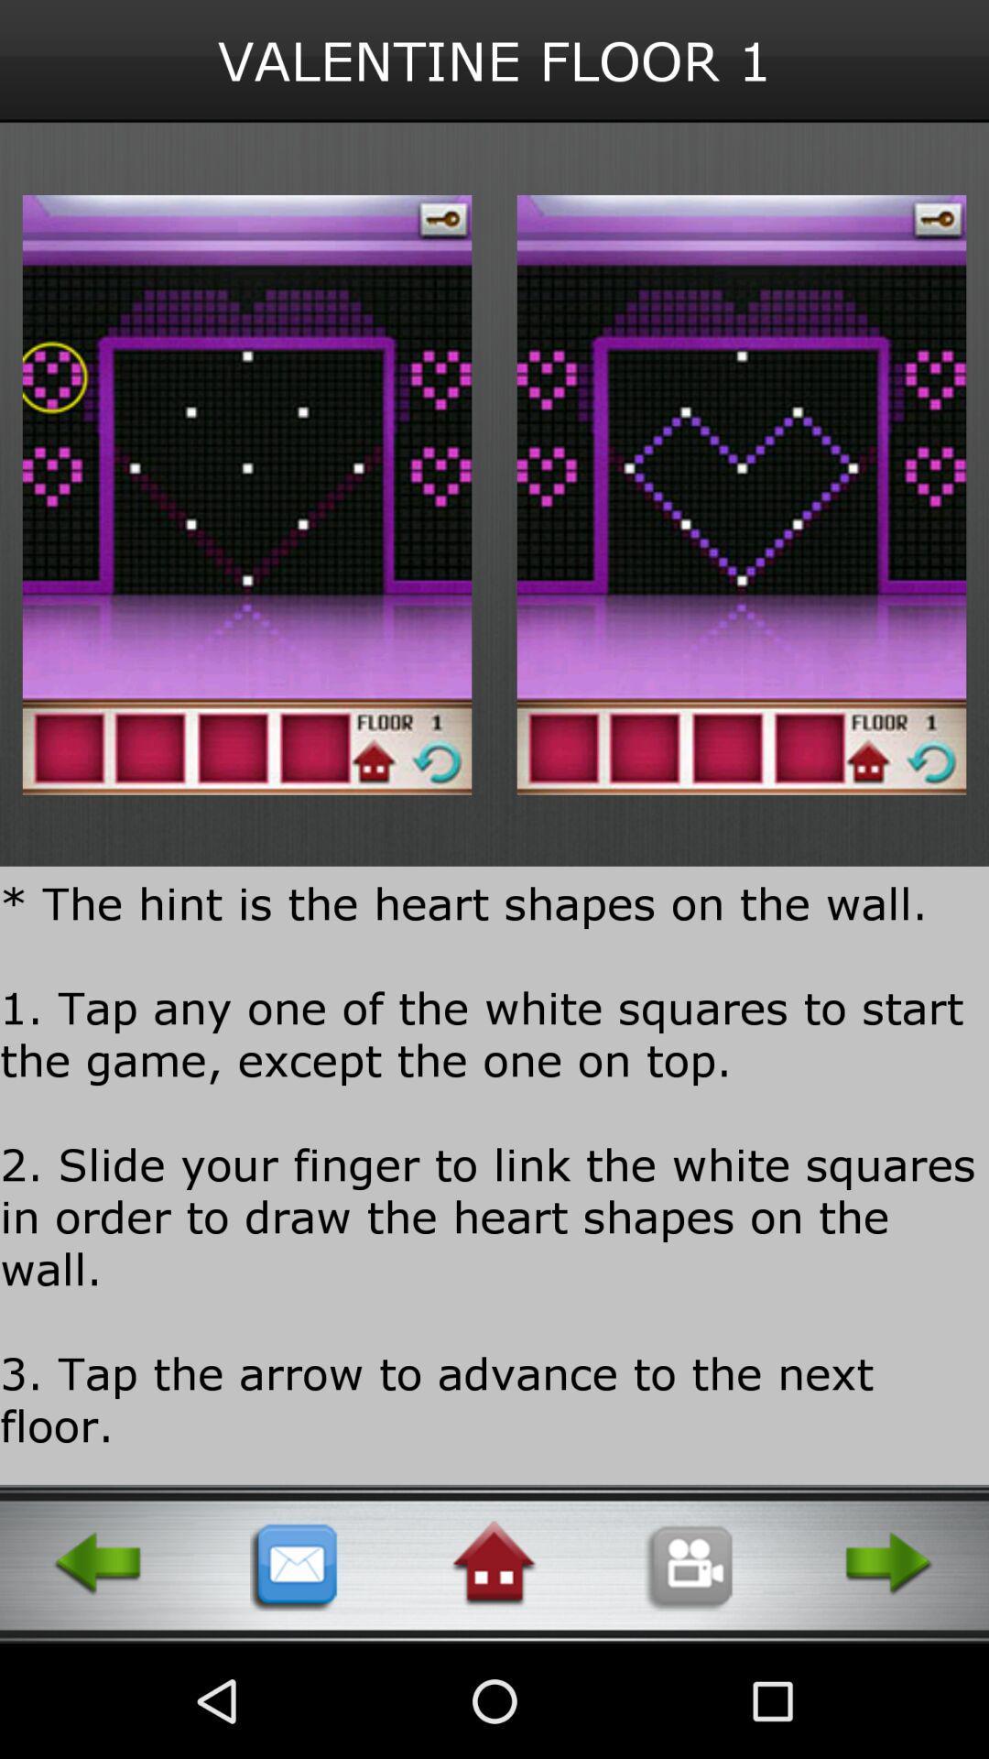 The width and height of the screenshot is (989, 1759). Describe the element at coordinates (888, 1563) in the screenshot. I see `next` at that location.